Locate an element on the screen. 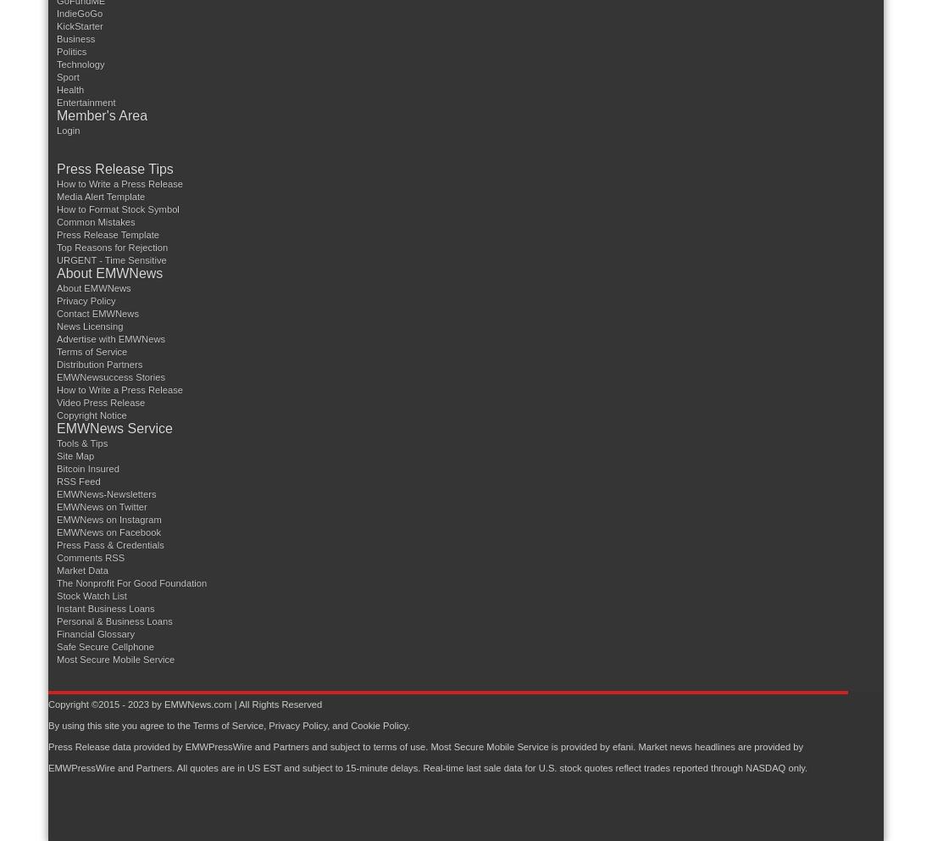  'Cookie Policy' is located at coordinates (350, 724).